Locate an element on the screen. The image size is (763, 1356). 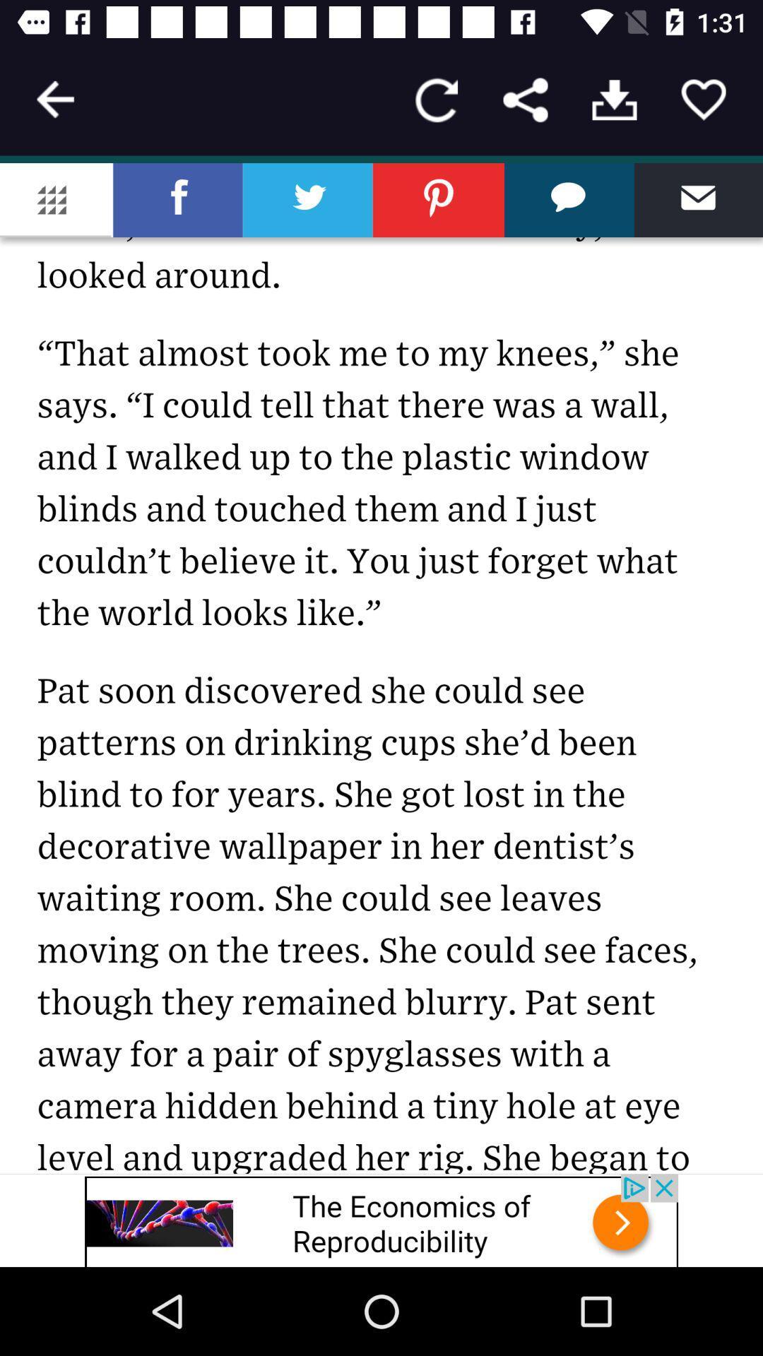
main content area is located at coordinates (381, 667).